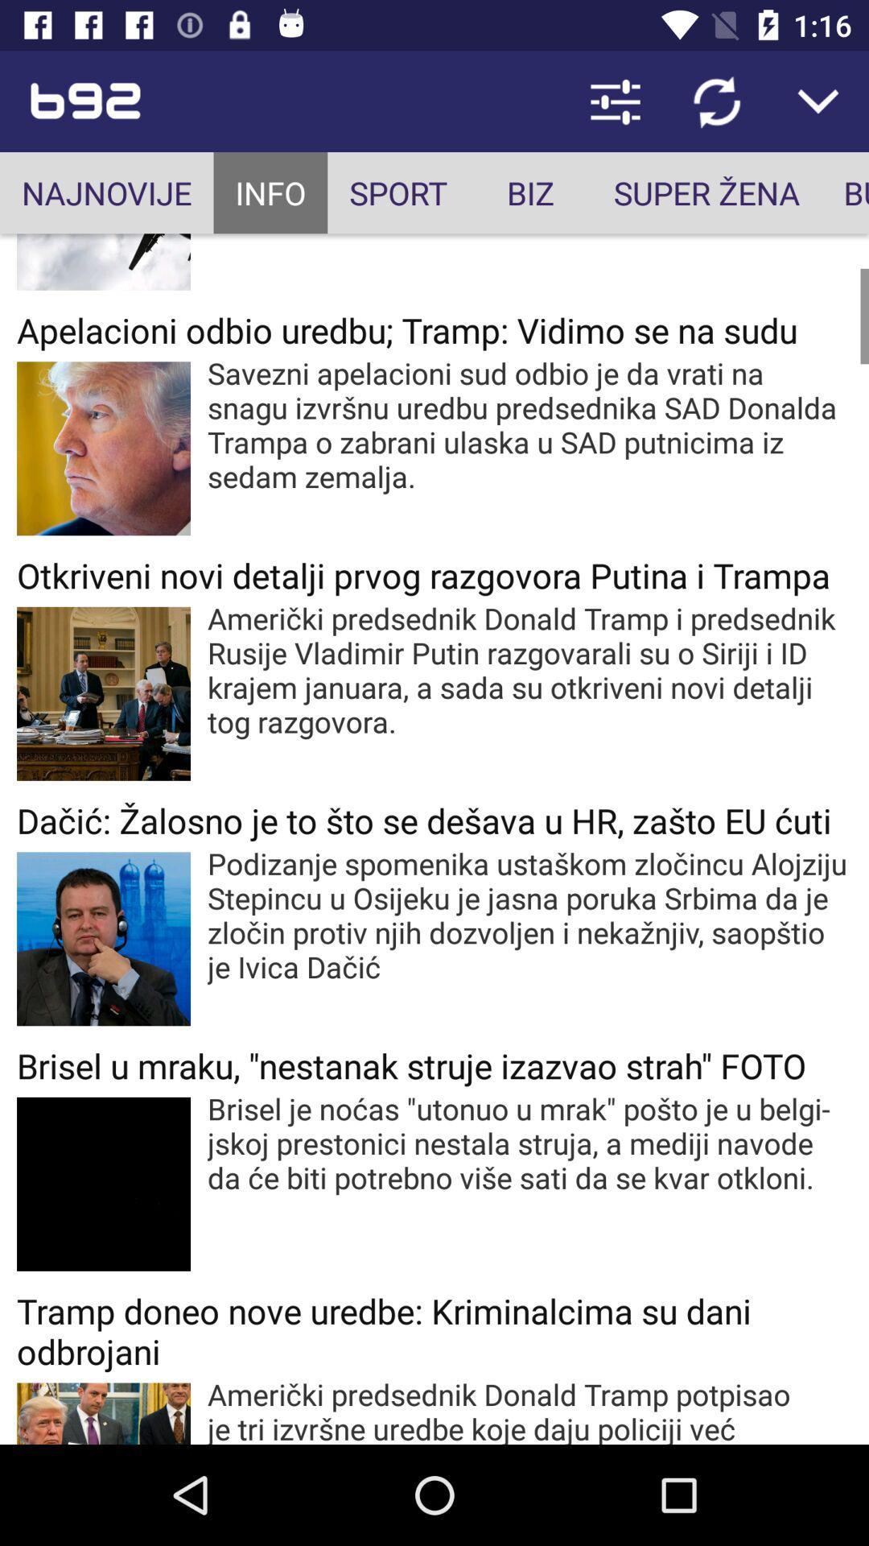 The width and height of the screenshot is (869, 1546). What do you see at coordinates (716, 100) in the screenshot?
I see `the refresh icon` at bounding box center [716, 100].